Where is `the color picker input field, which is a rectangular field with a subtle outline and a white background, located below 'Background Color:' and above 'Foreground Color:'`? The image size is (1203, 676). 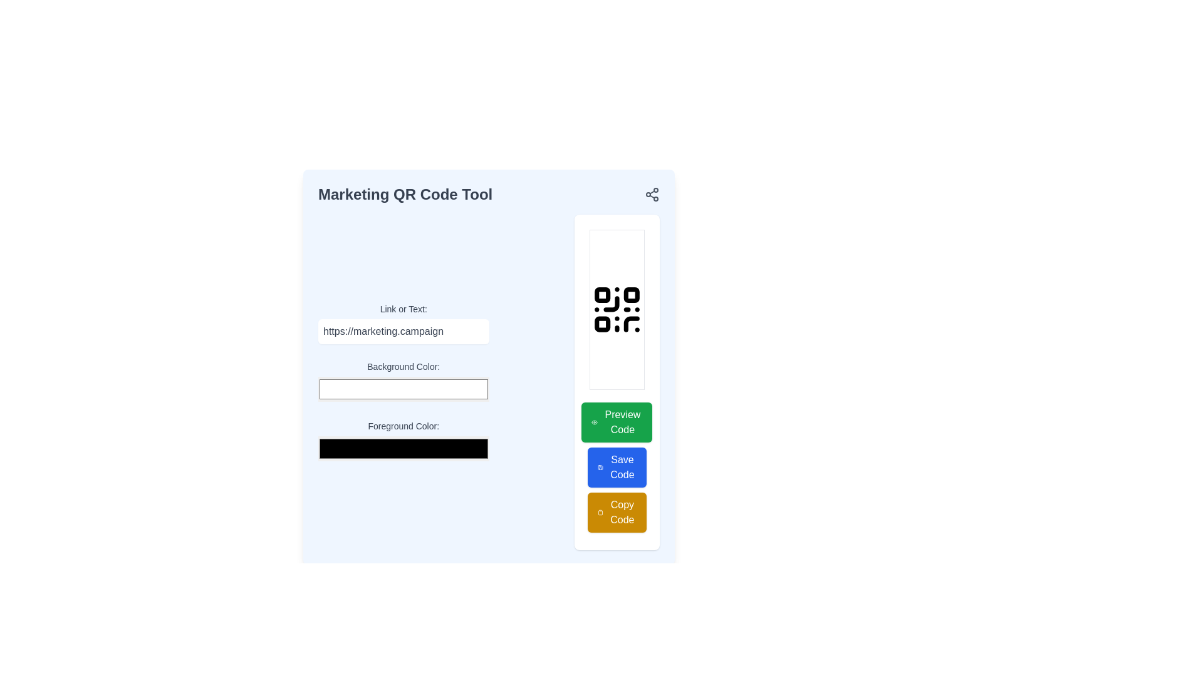
the color picker input field, which is a rectangular field with a subtle outline and a white background, located below 'Background Color:' and above 'Foreground Color:' is located at coordinates (404, 388).